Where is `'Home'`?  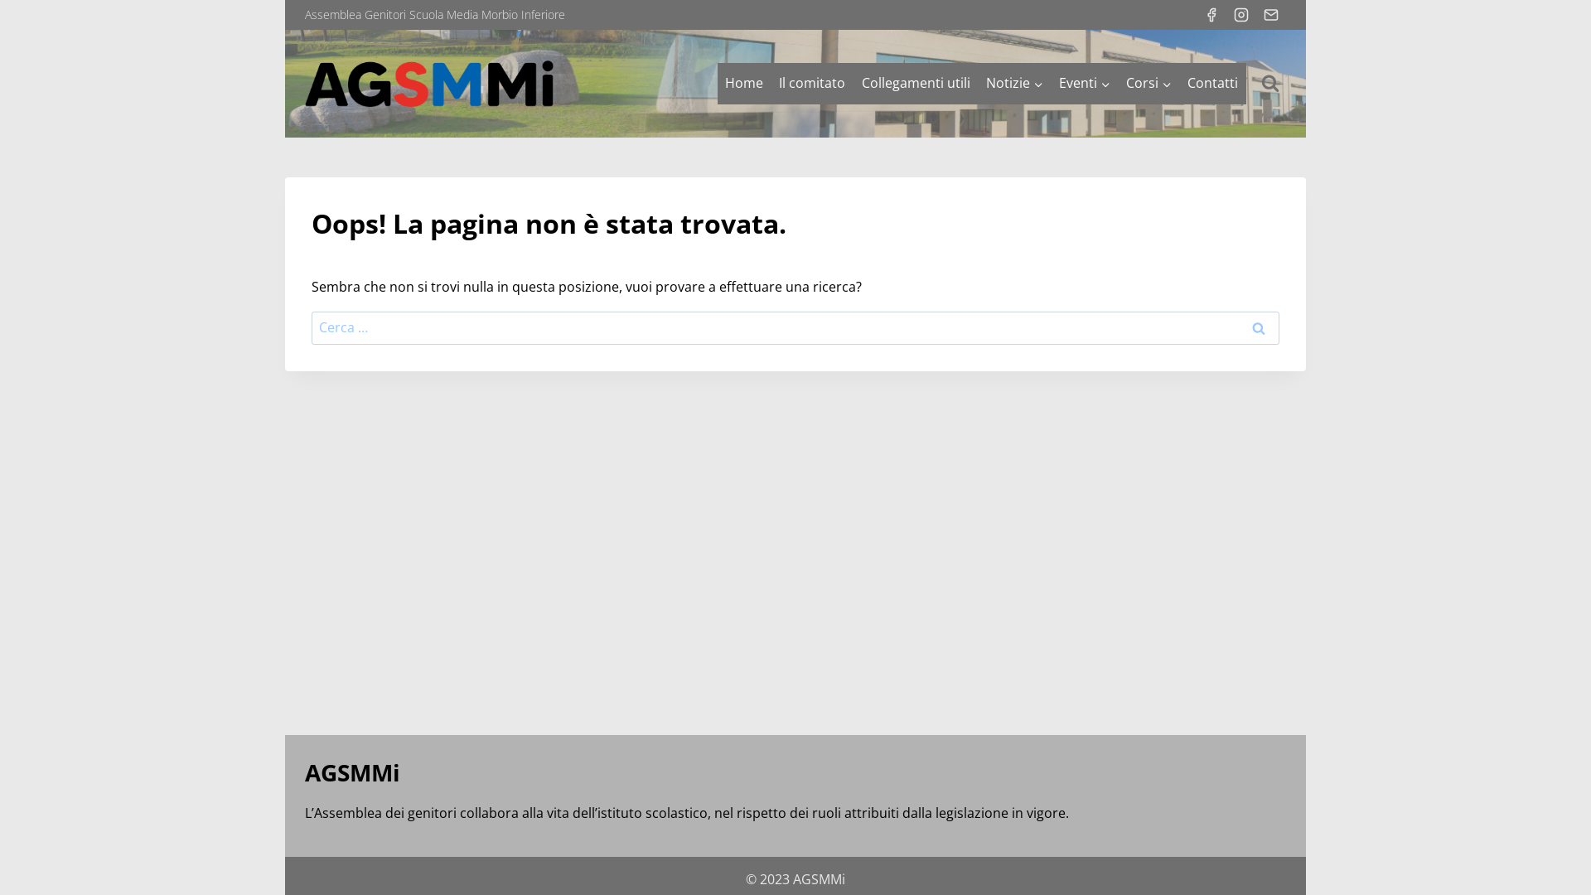
'Home' is located at coordinates (717, 83).